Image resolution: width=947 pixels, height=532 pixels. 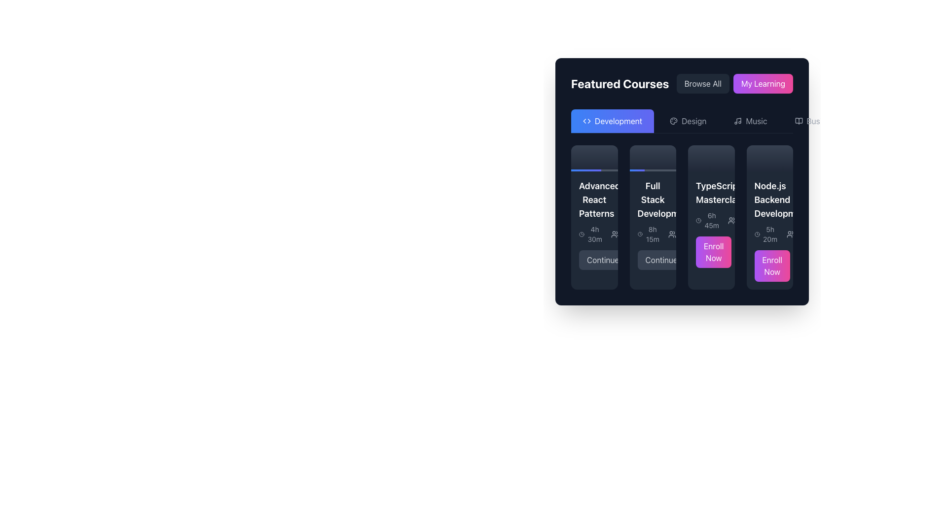 I want to click on the 'My Learning' button, which is a rectangular button with a gradient background from purple to pink and white text, located to the right of the 'Browse All' button in the 'Featured Courses' section, so click(x=763, y=83).